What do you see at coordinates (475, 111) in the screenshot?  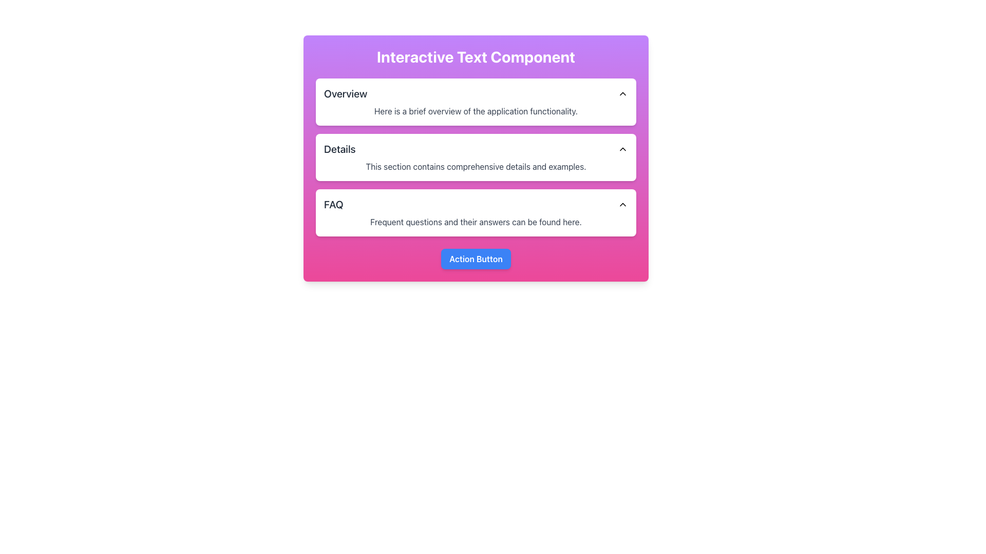 I see `the text block located beneath the 'Overview' label, which provides a concise explanation of the application's functionality, situated within a card with a white background and rounded corners` at bounding box center [475, 111].